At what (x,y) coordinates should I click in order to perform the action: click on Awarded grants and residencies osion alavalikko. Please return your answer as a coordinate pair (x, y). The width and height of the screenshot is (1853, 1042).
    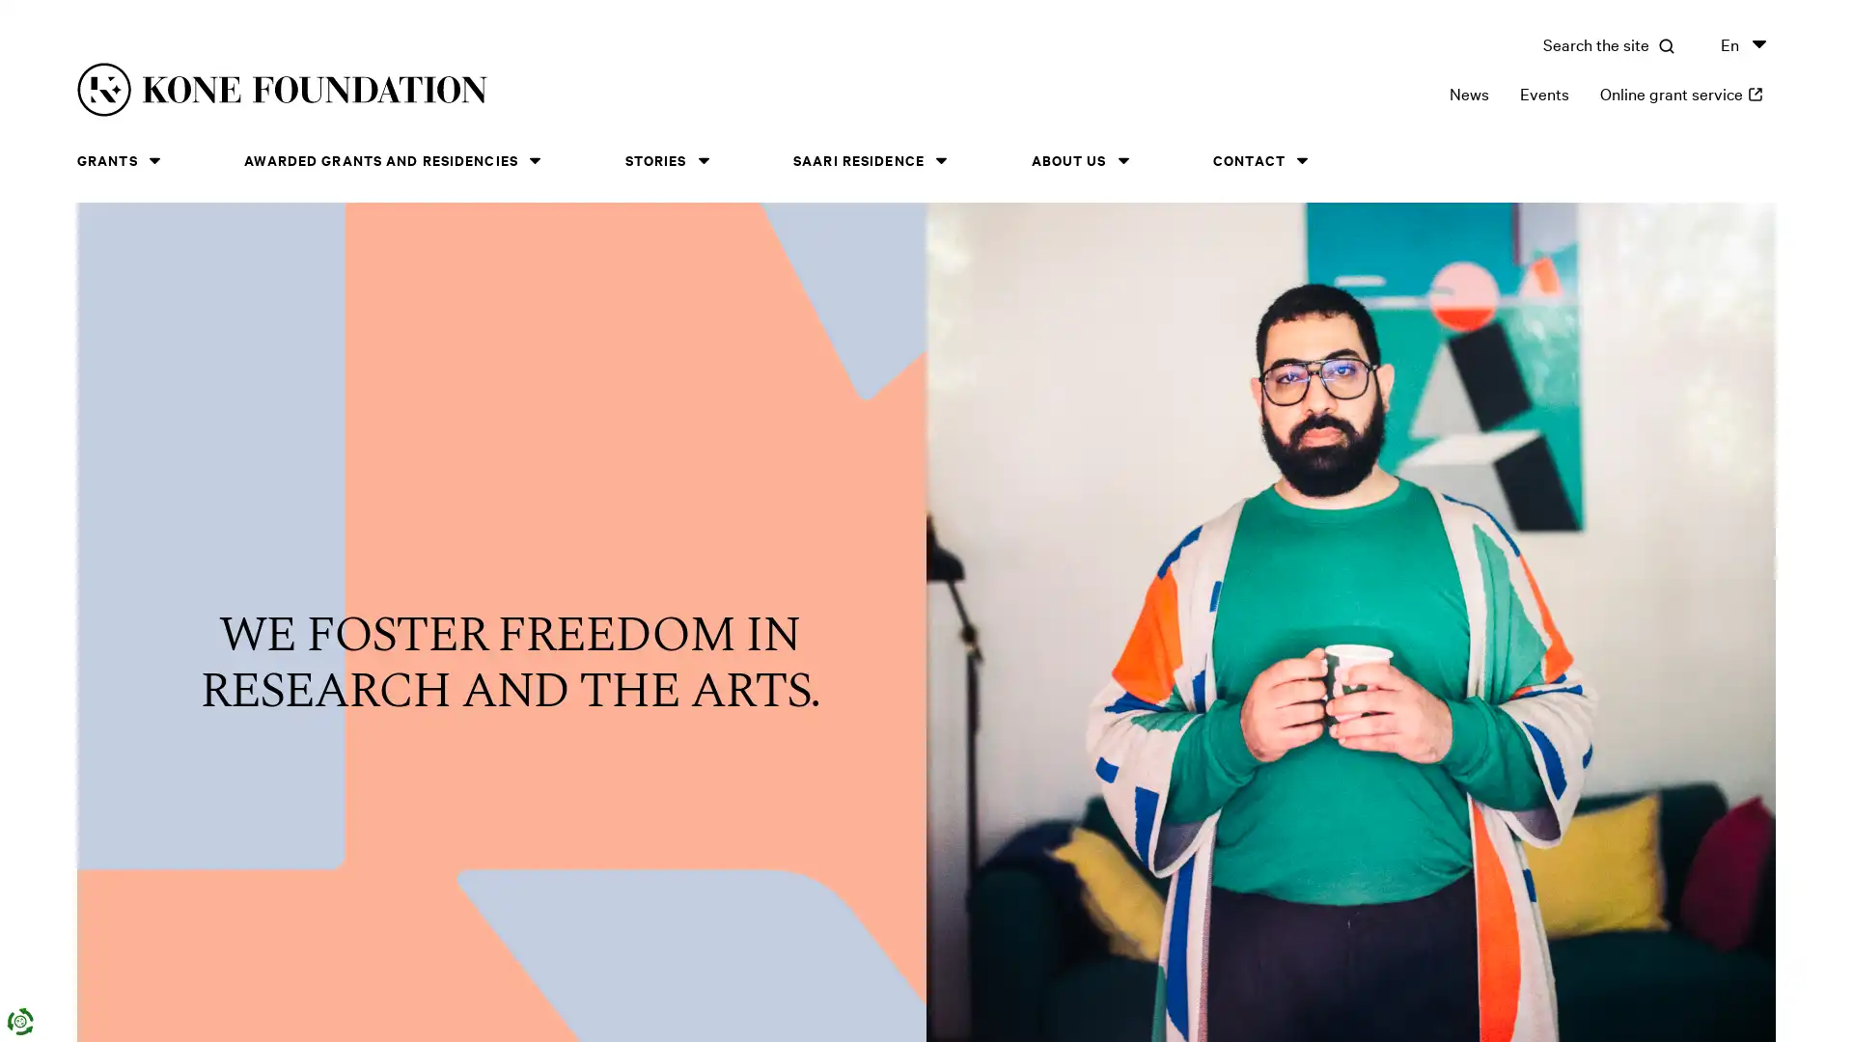
    Looking at the image, I should click on (534, 159).